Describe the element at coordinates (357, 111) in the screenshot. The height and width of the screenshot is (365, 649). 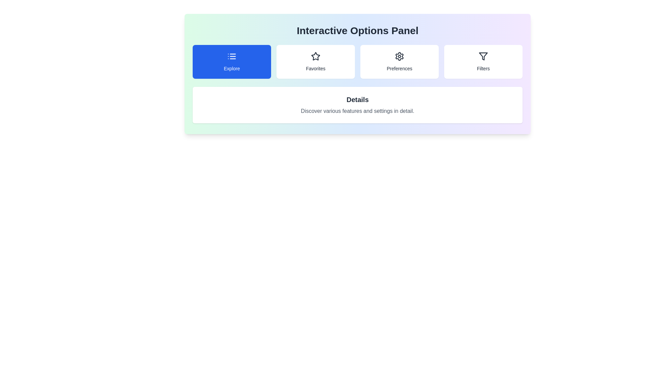
I see `the informative text located directly below the 'Details' heading` at that location.